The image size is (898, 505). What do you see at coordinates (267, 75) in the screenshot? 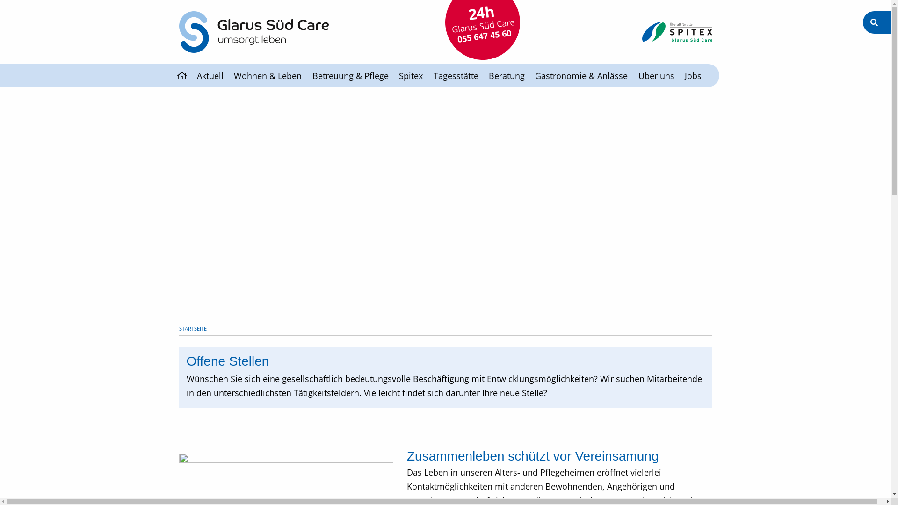
I see `'Wohnen & Leben'` at bounding box center [267, 75].